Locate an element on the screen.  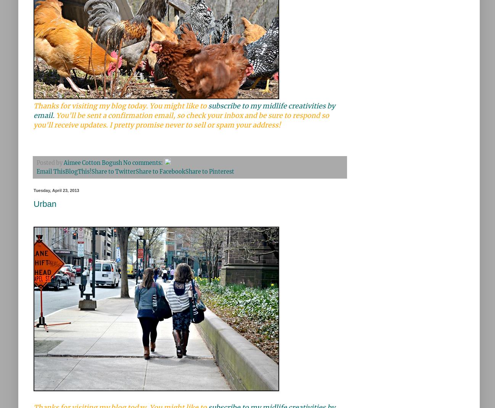
'Share to Twitter' is located at coordinates (113, 171).